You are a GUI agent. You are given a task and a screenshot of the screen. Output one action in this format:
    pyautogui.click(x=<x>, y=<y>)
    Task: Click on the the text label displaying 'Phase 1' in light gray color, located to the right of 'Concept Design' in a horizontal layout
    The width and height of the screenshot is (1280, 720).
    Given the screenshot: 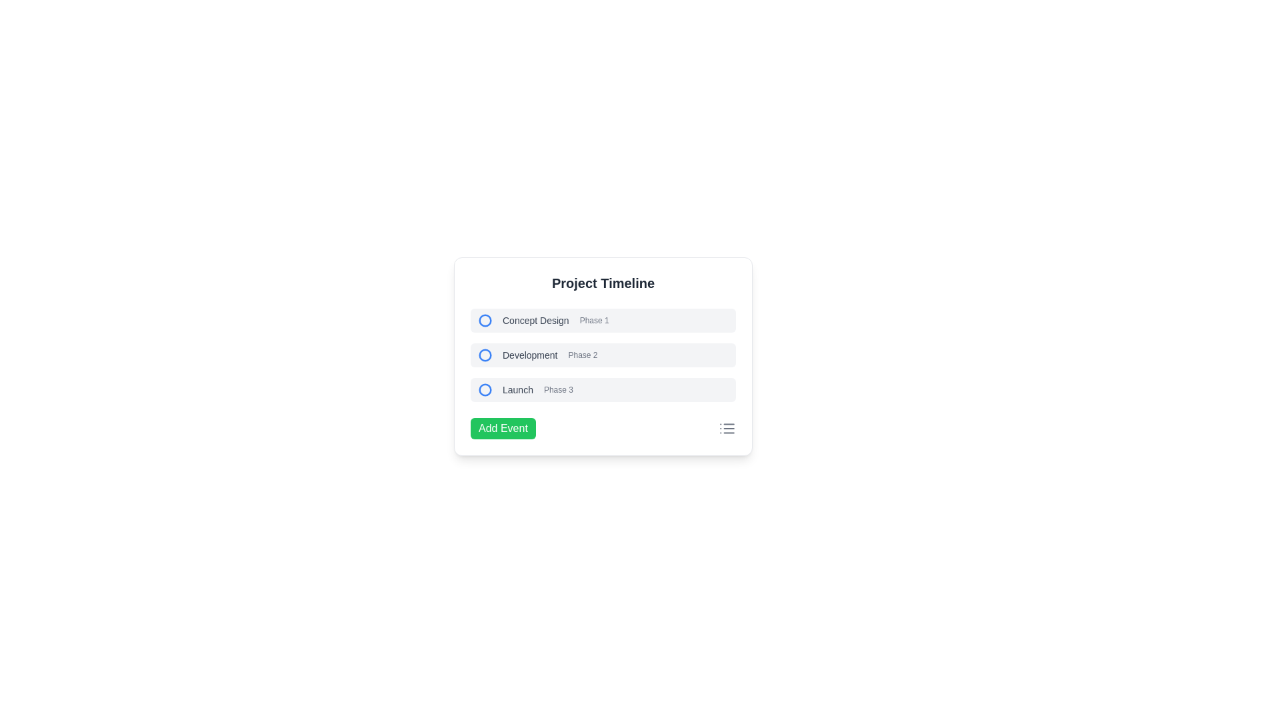 What is the action you would take?
    pyautogui.click(x=593, y=321)
    